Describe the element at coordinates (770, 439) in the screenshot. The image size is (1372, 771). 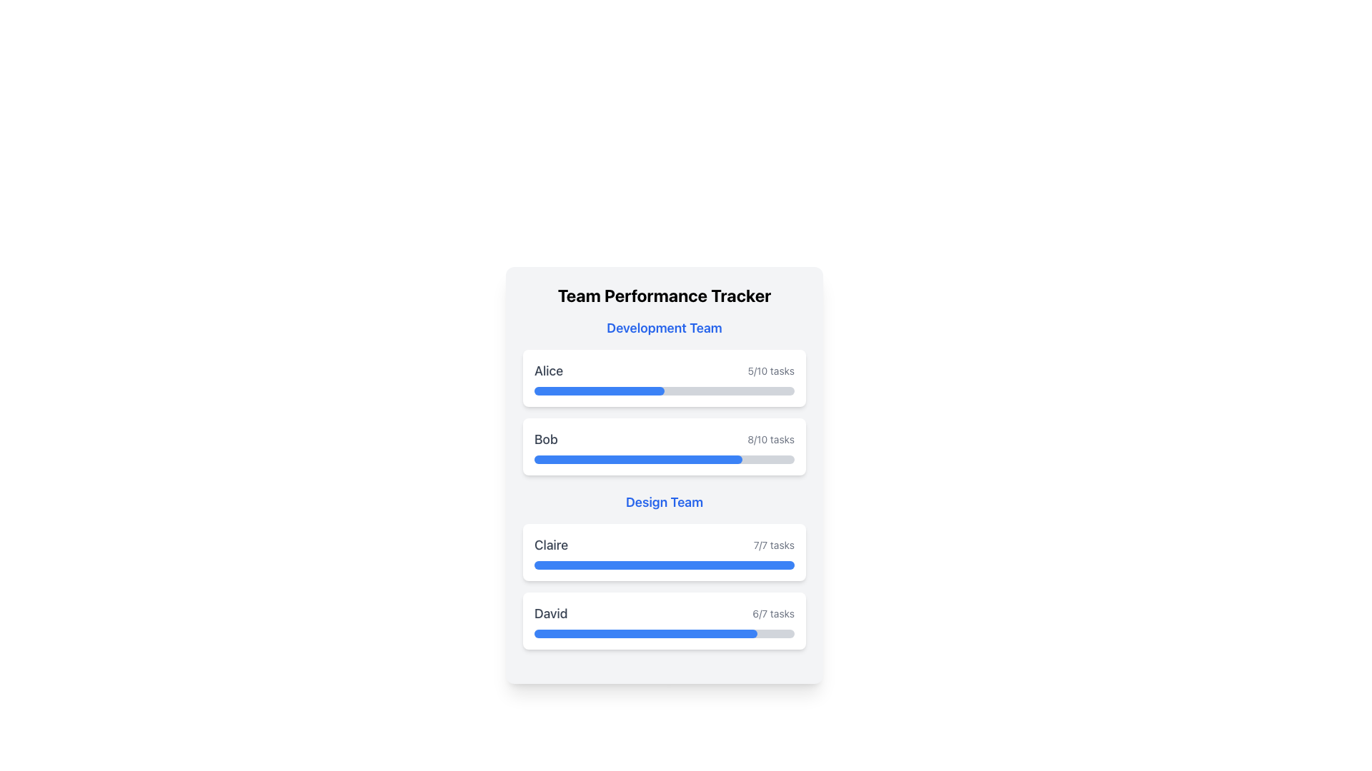
I see `the text label displaying '8/10 tasks', which is styled in small gray text and positioned near the name 'Bob' in the Development Team group` at that location.